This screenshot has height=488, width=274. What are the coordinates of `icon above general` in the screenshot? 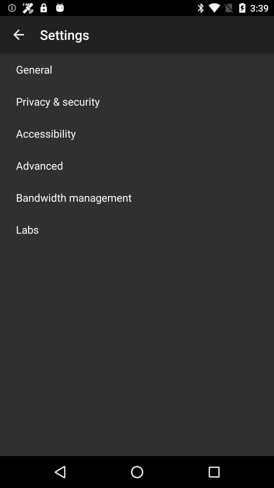 It's located at (18, 34).